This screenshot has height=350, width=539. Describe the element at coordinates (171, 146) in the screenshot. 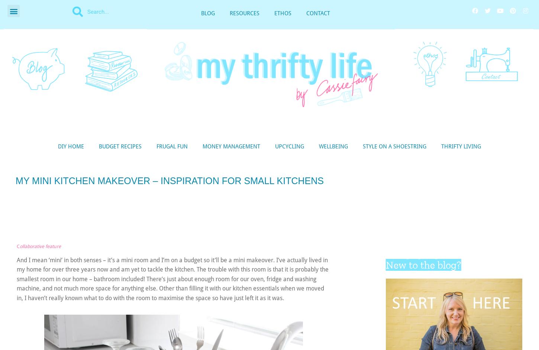

I see `'FRUGAL FUN'` at that location.